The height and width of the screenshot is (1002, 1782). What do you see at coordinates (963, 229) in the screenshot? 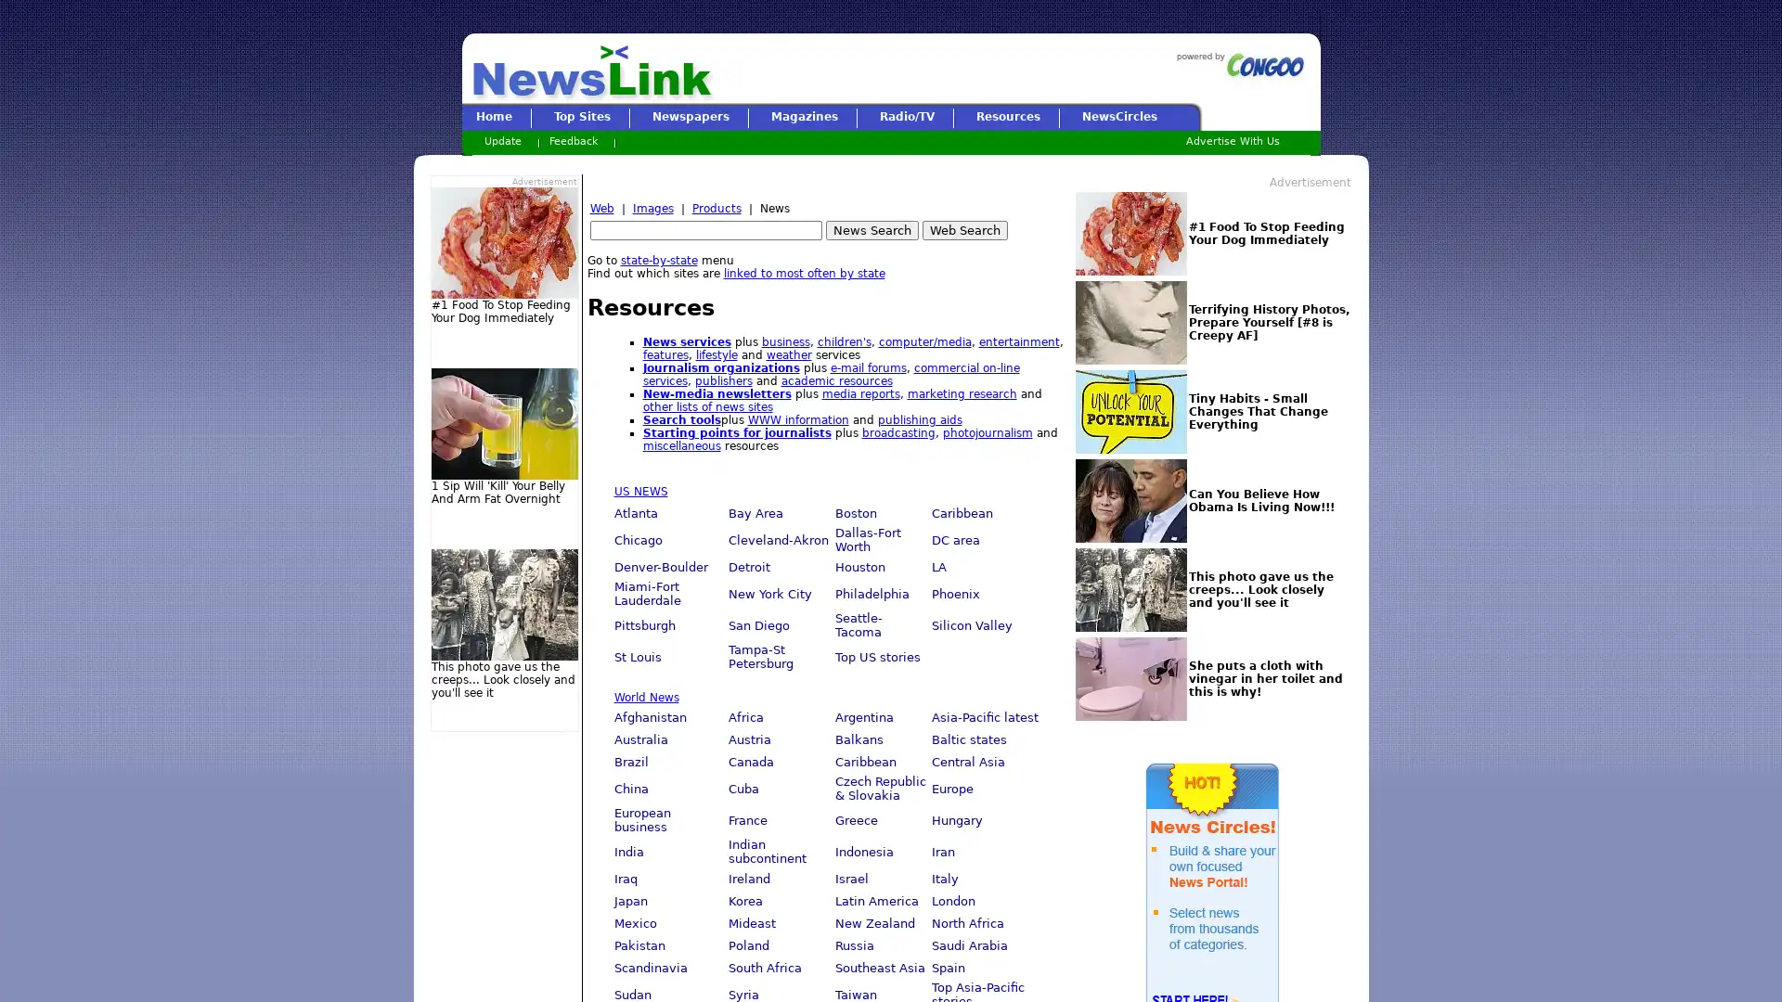
I see `Web Search` at bounding box center [963, 229].